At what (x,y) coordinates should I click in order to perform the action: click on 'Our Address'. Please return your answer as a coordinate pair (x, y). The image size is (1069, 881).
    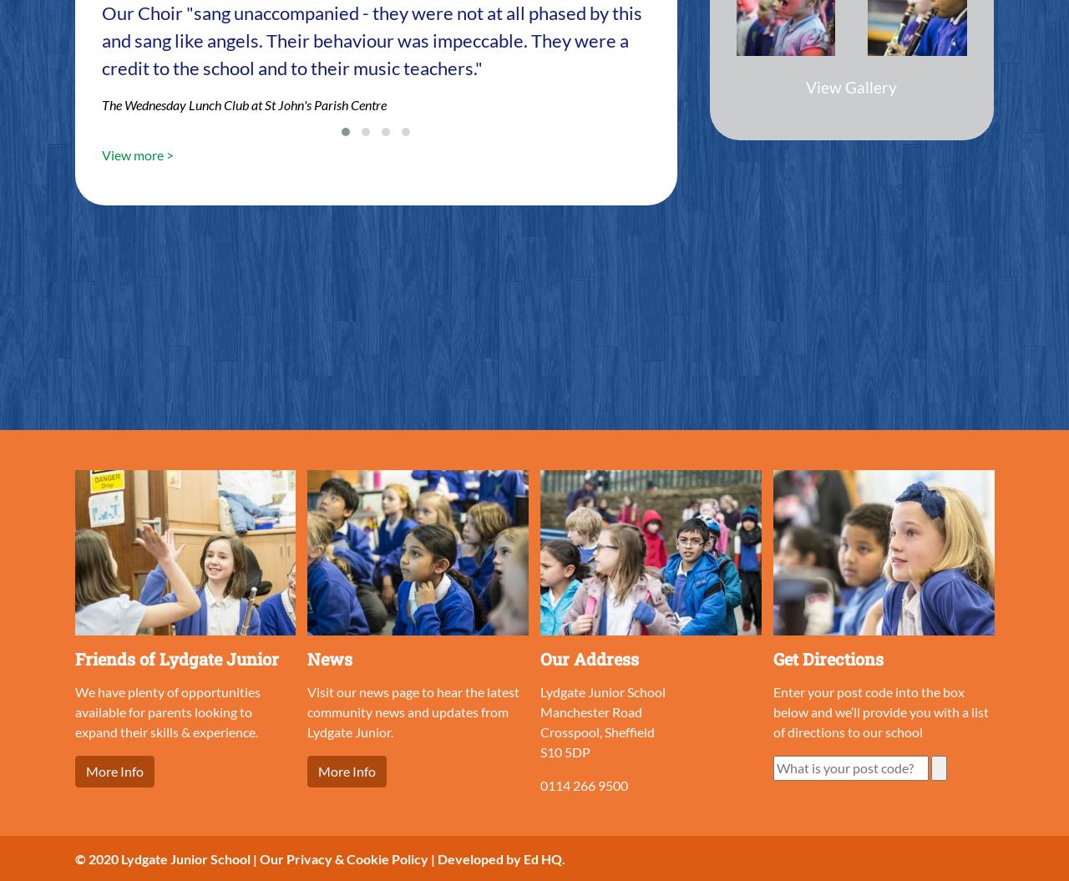
    Looking at the image, I should click on (590, 656).